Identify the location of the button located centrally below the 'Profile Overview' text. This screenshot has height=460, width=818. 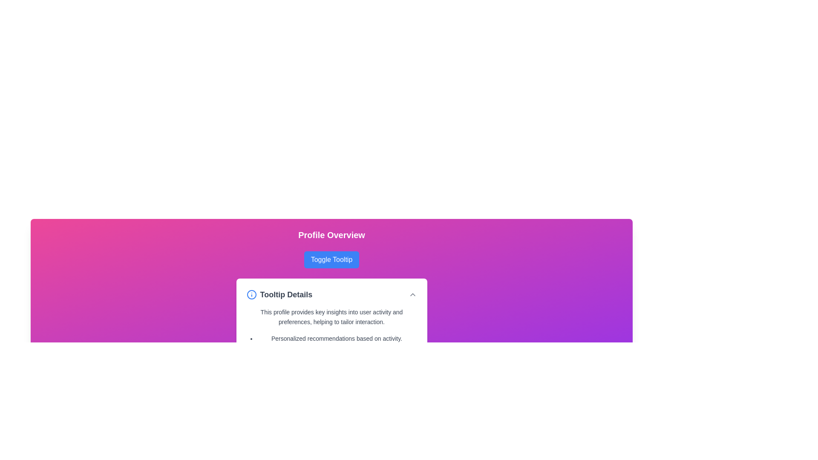
(331, 259).